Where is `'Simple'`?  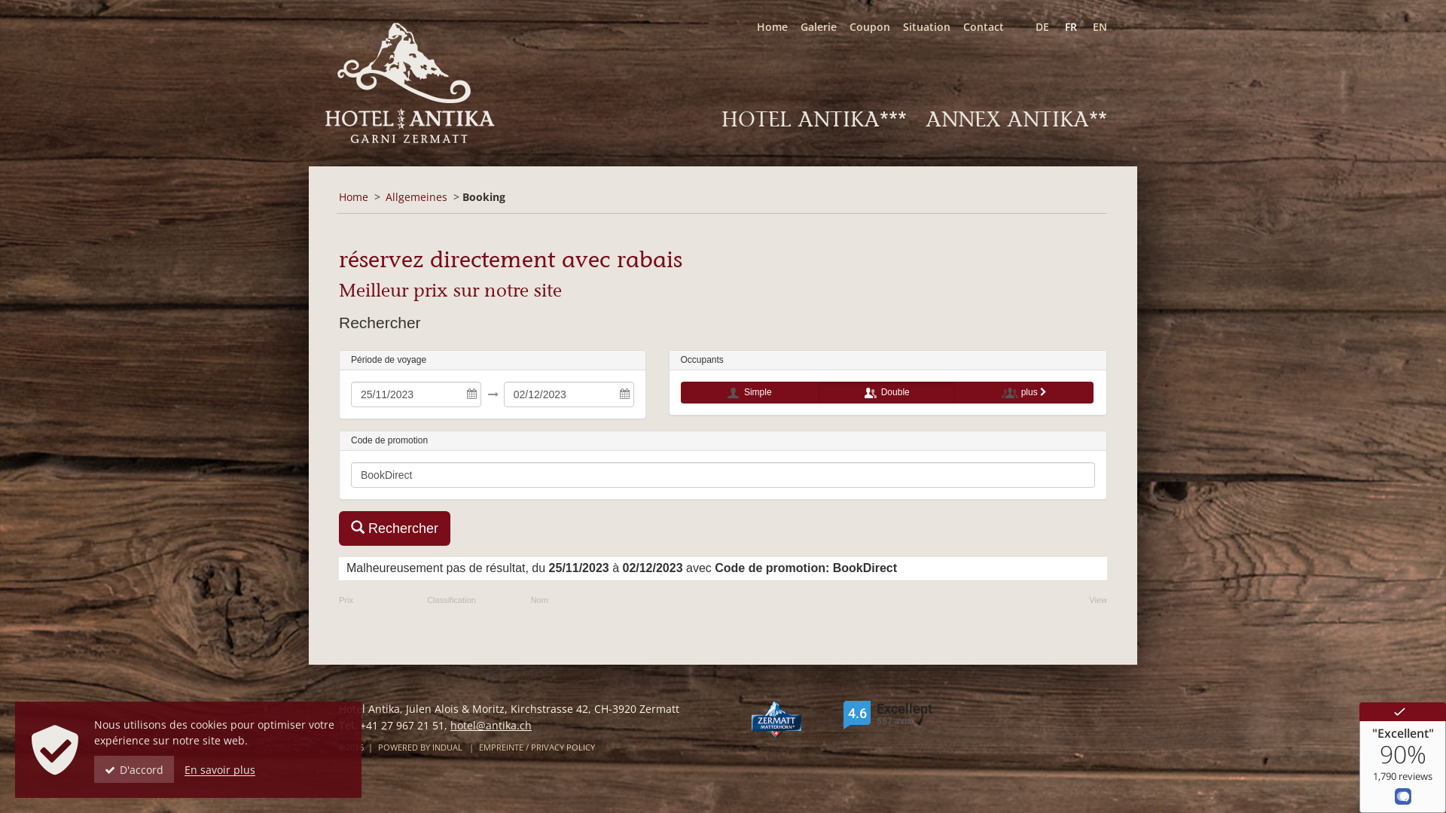 'Simple' is located at coordinates (749, 391).